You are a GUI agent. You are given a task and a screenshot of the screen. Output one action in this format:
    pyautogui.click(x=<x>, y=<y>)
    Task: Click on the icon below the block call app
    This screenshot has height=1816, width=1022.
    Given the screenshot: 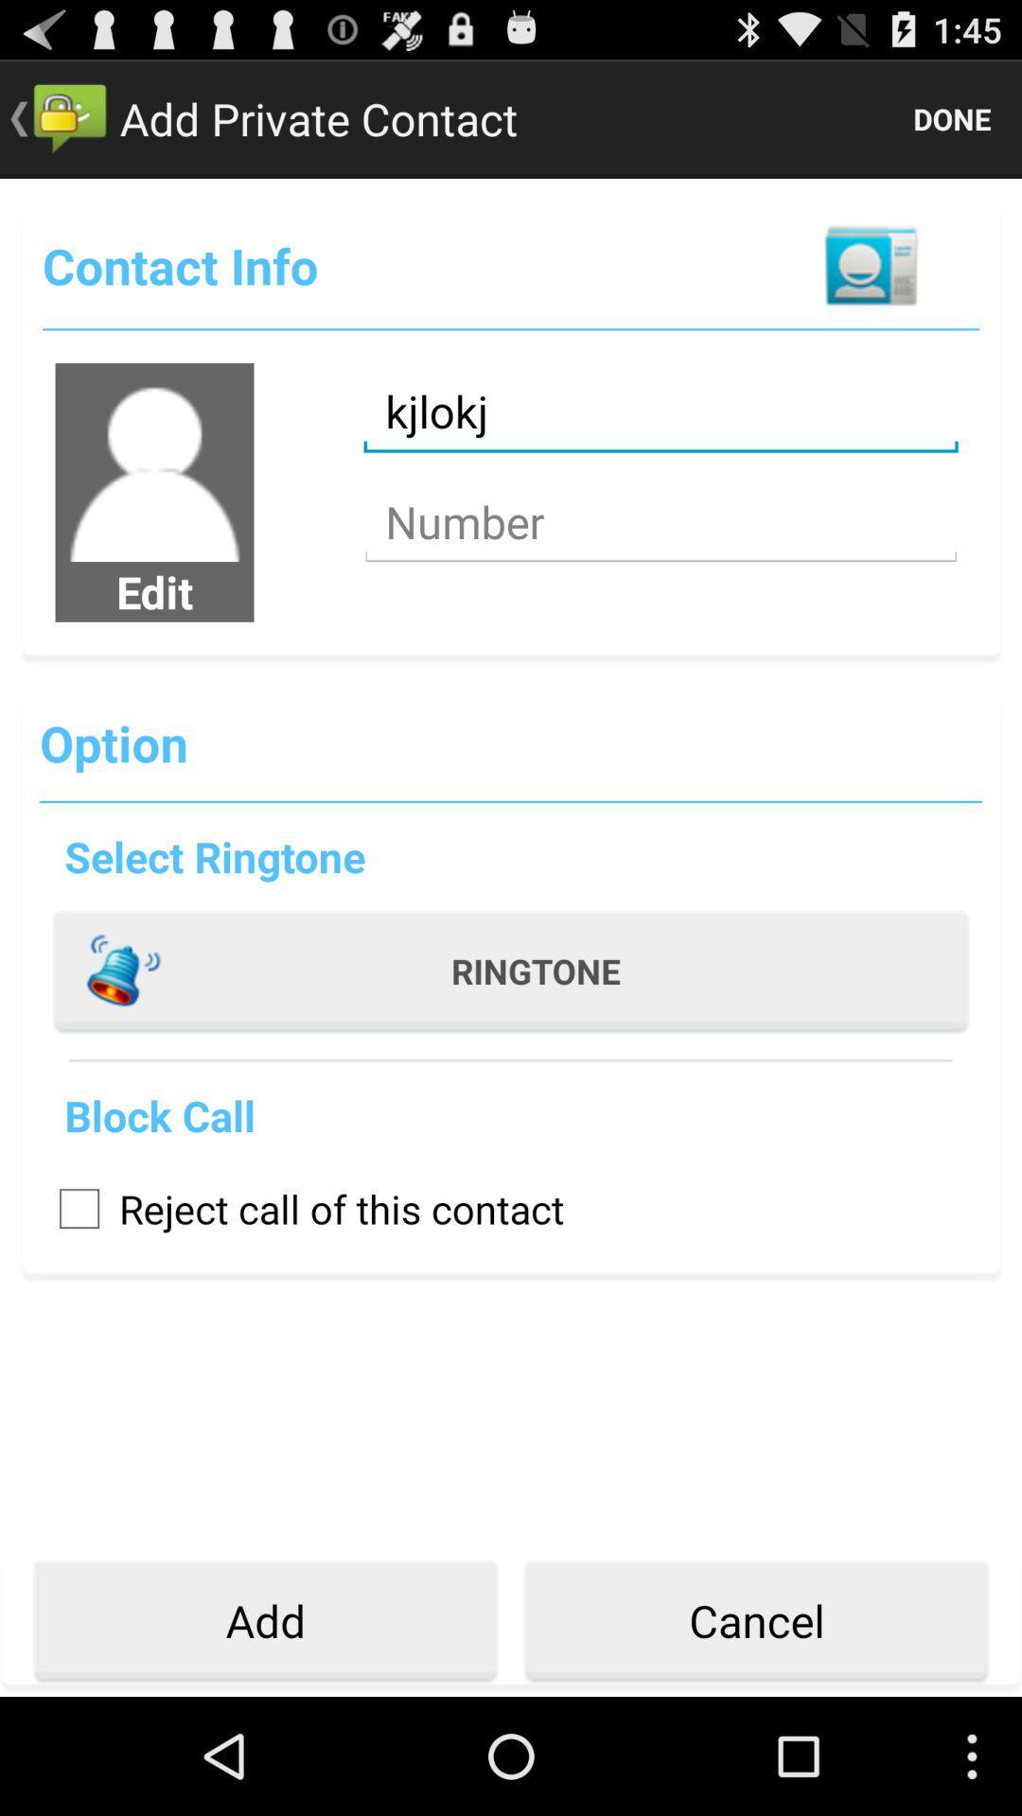 What is the action you would take?
    pyautogui.click(x=301, y=1207)
    